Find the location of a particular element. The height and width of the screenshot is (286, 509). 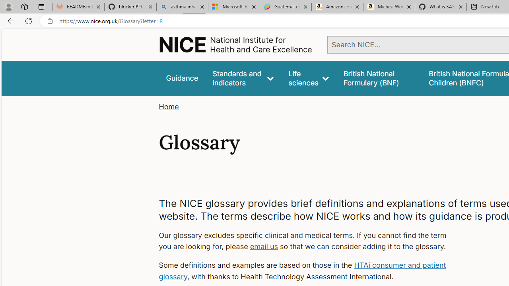

'Life sciences' is located at coordinates (308, 78).